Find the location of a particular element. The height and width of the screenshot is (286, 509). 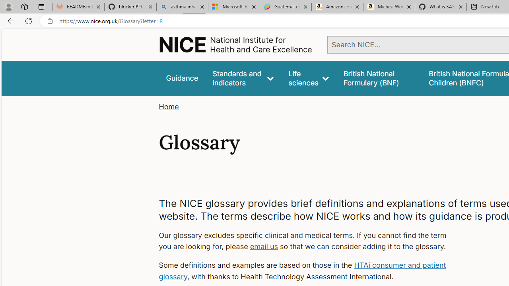

'Life sciences' is located at coordinates (308, 78).